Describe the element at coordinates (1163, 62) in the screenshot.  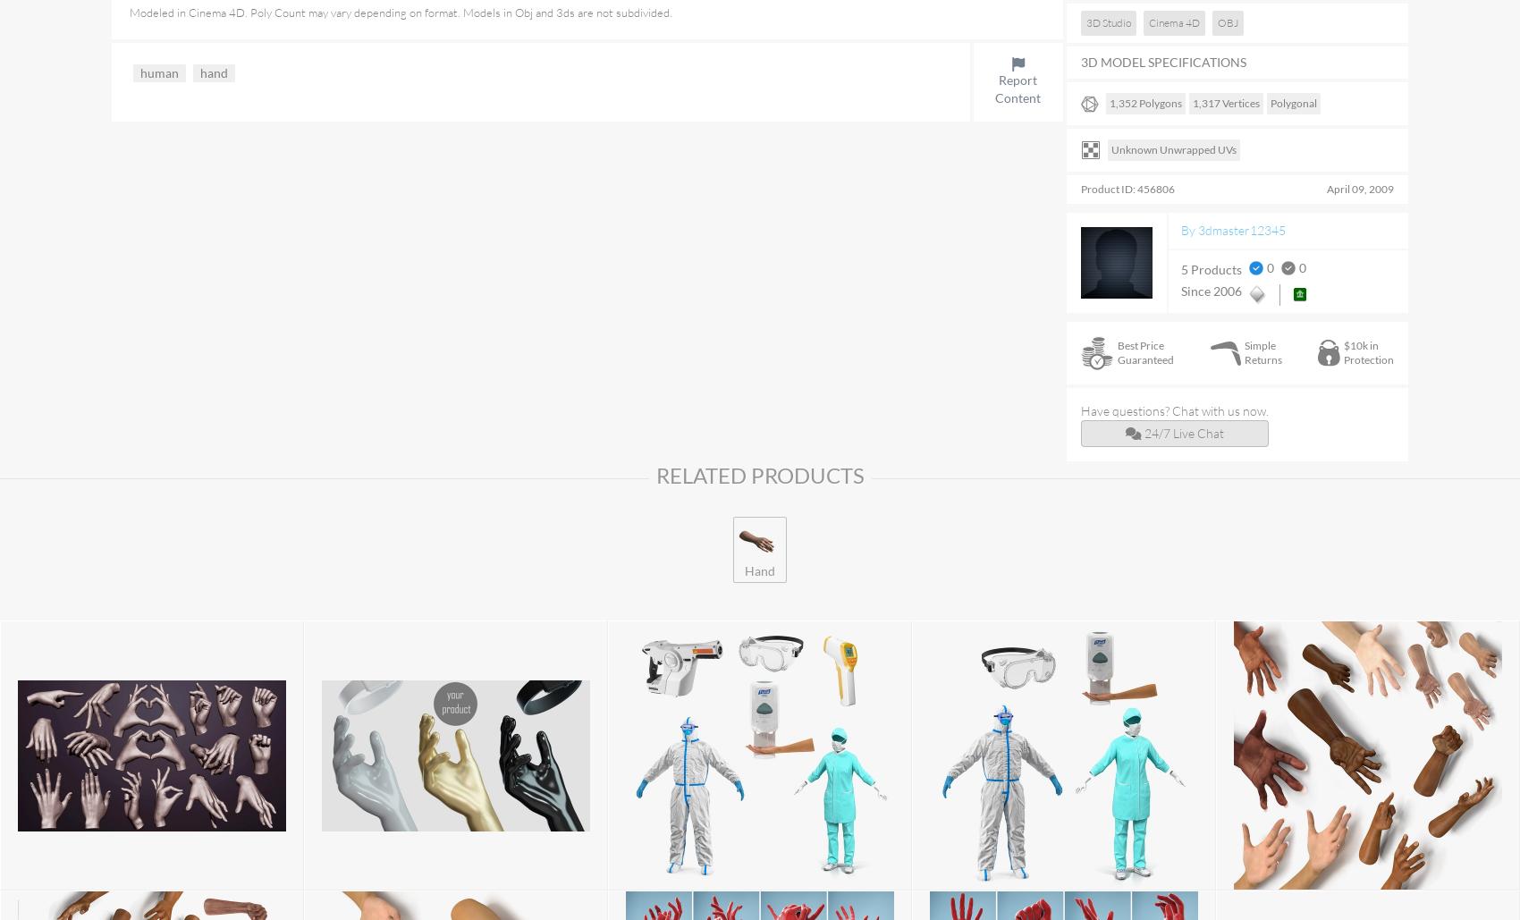
I see `'3D MODEL SPECIFICATIONS'` at that location.